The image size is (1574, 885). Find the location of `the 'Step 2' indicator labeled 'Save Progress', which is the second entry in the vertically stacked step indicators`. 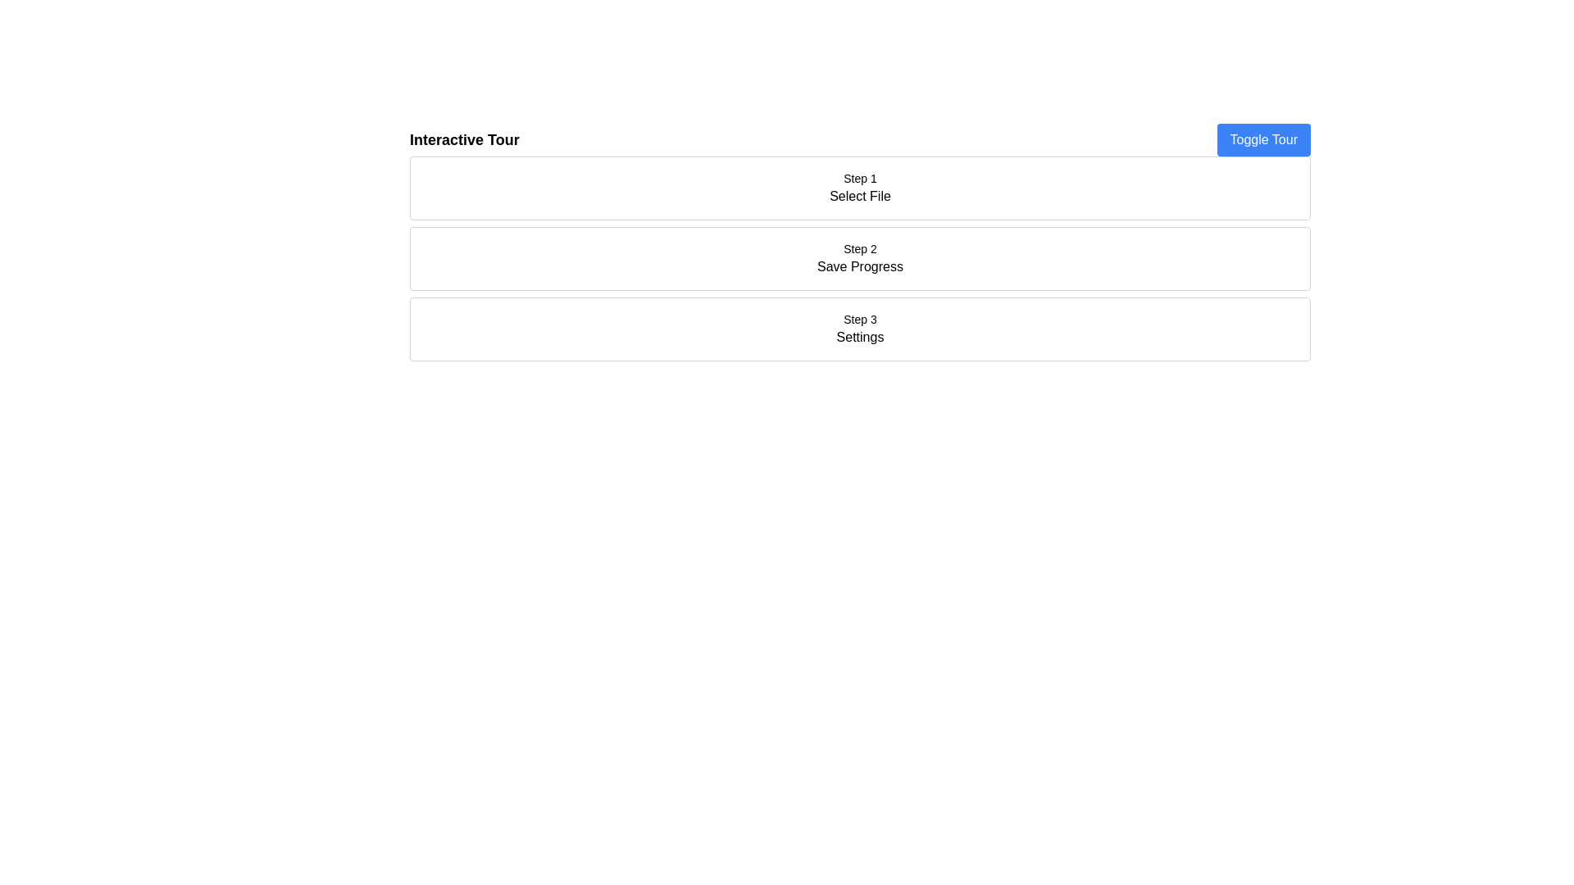

the 'Step 2' indicator labeled 'Save Progress', which is the second entry in the vertically stacked step indicators is located at coordinates (859, 258).